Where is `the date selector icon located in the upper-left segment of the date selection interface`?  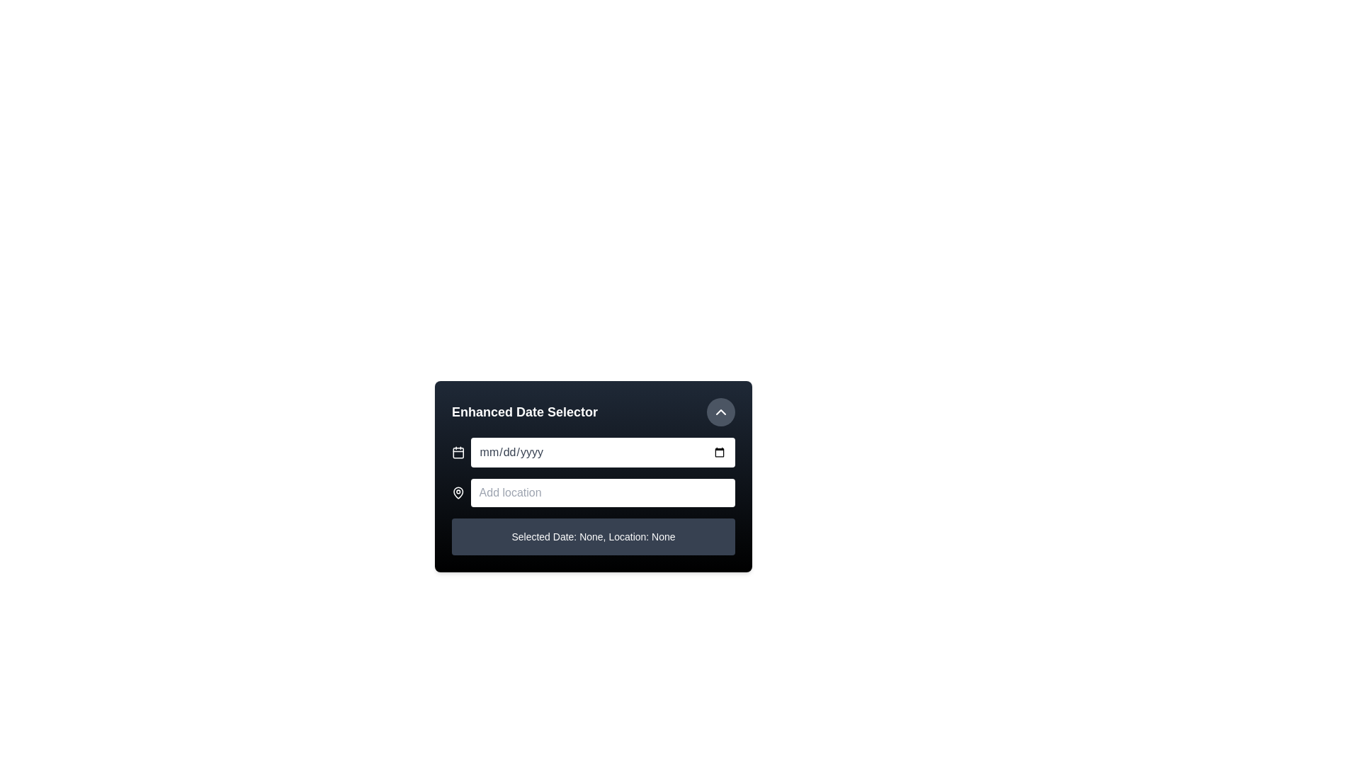
the date selector icon located in the upper-left segment of the date selection interface is located at coordinates (458, 453).